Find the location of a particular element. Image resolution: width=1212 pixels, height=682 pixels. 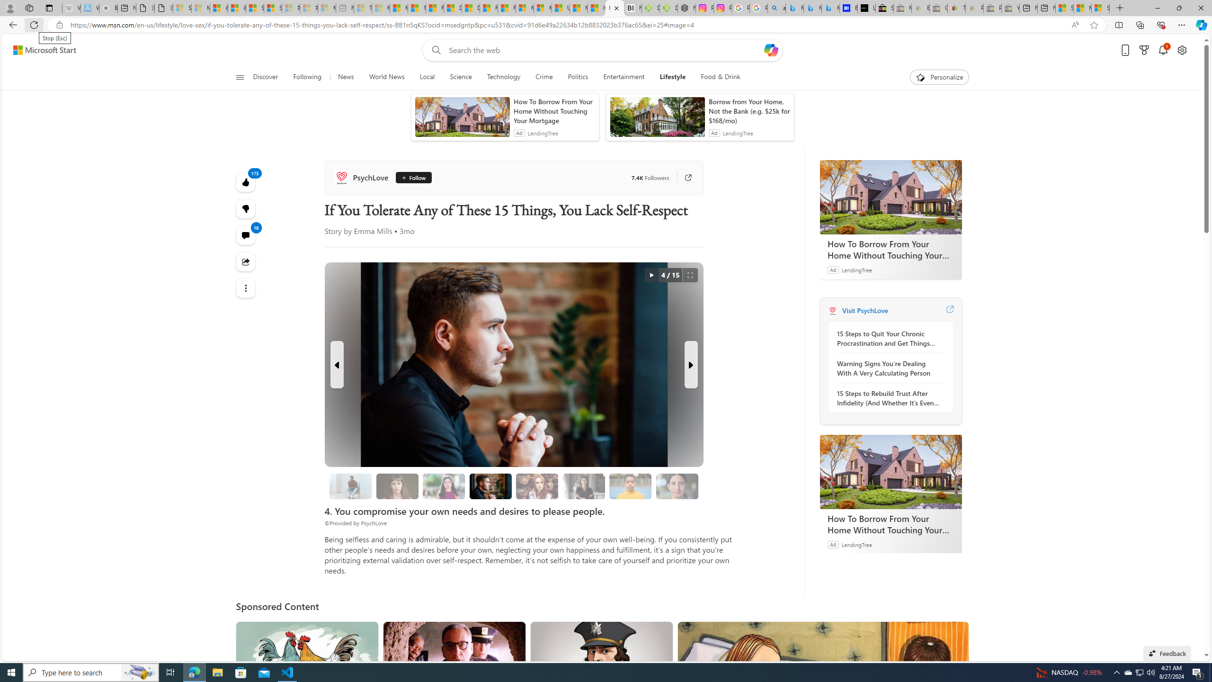

'Class: progress' is located at coordinates (677, 484).